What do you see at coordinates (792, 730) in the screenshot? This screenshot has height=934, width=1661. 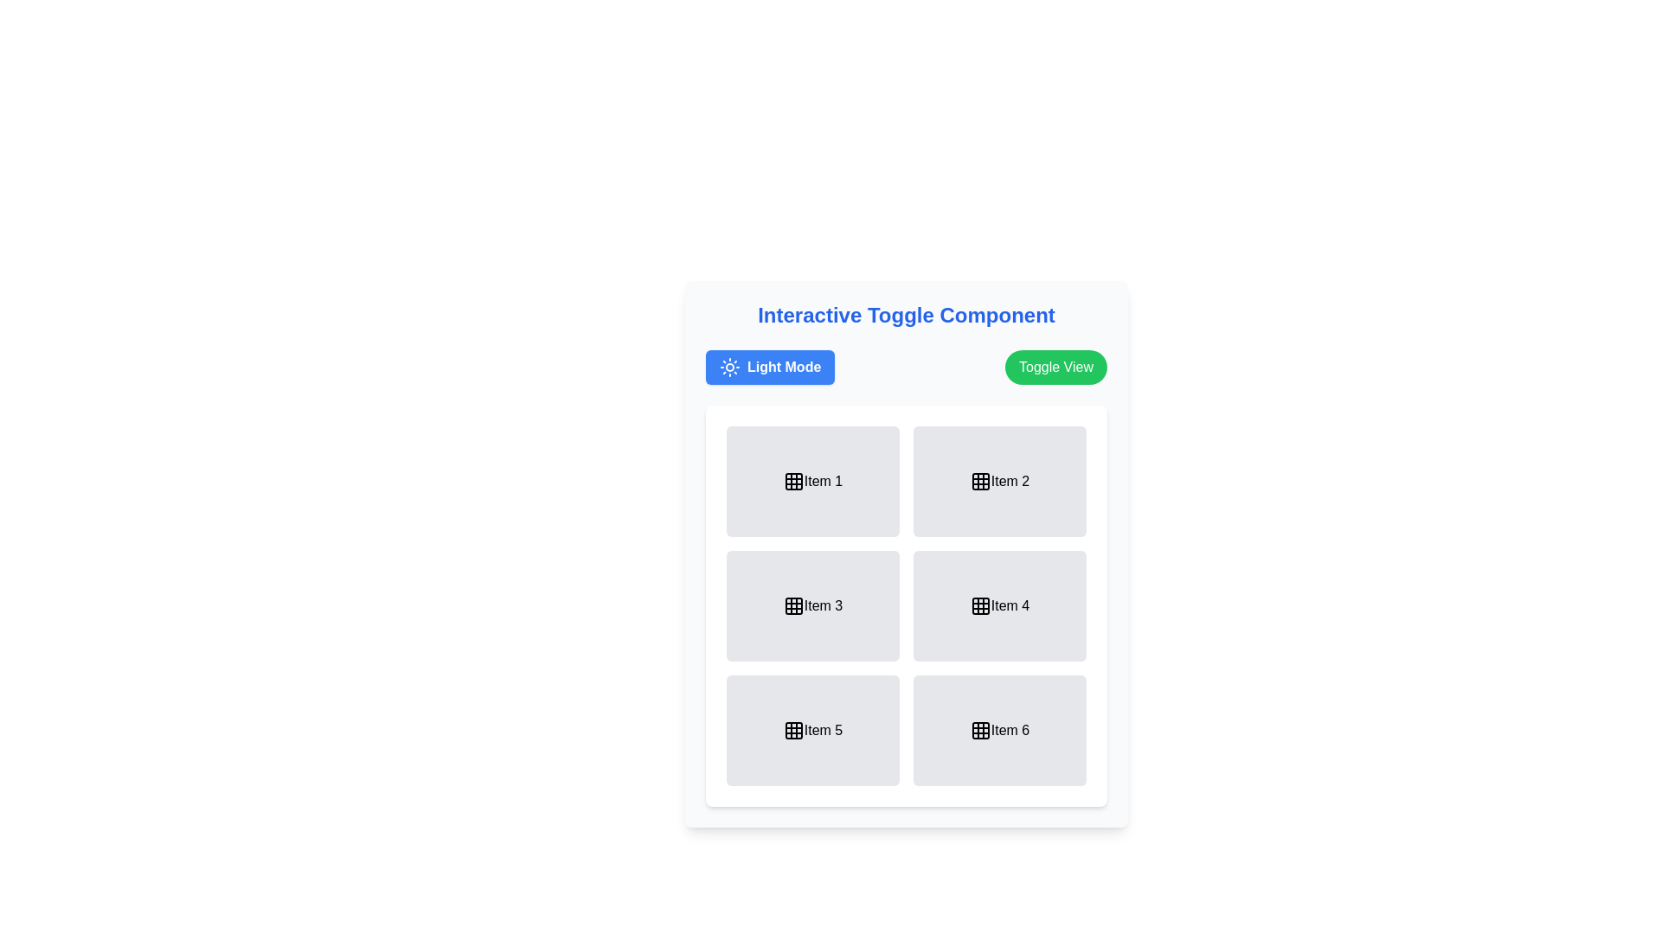 I see `the grid icon located in the lower-left area labeled 'Item 5', which is a small square-shaped icon with a black outline and a grid of smaller squares inside` at bounding box center [792, 730].